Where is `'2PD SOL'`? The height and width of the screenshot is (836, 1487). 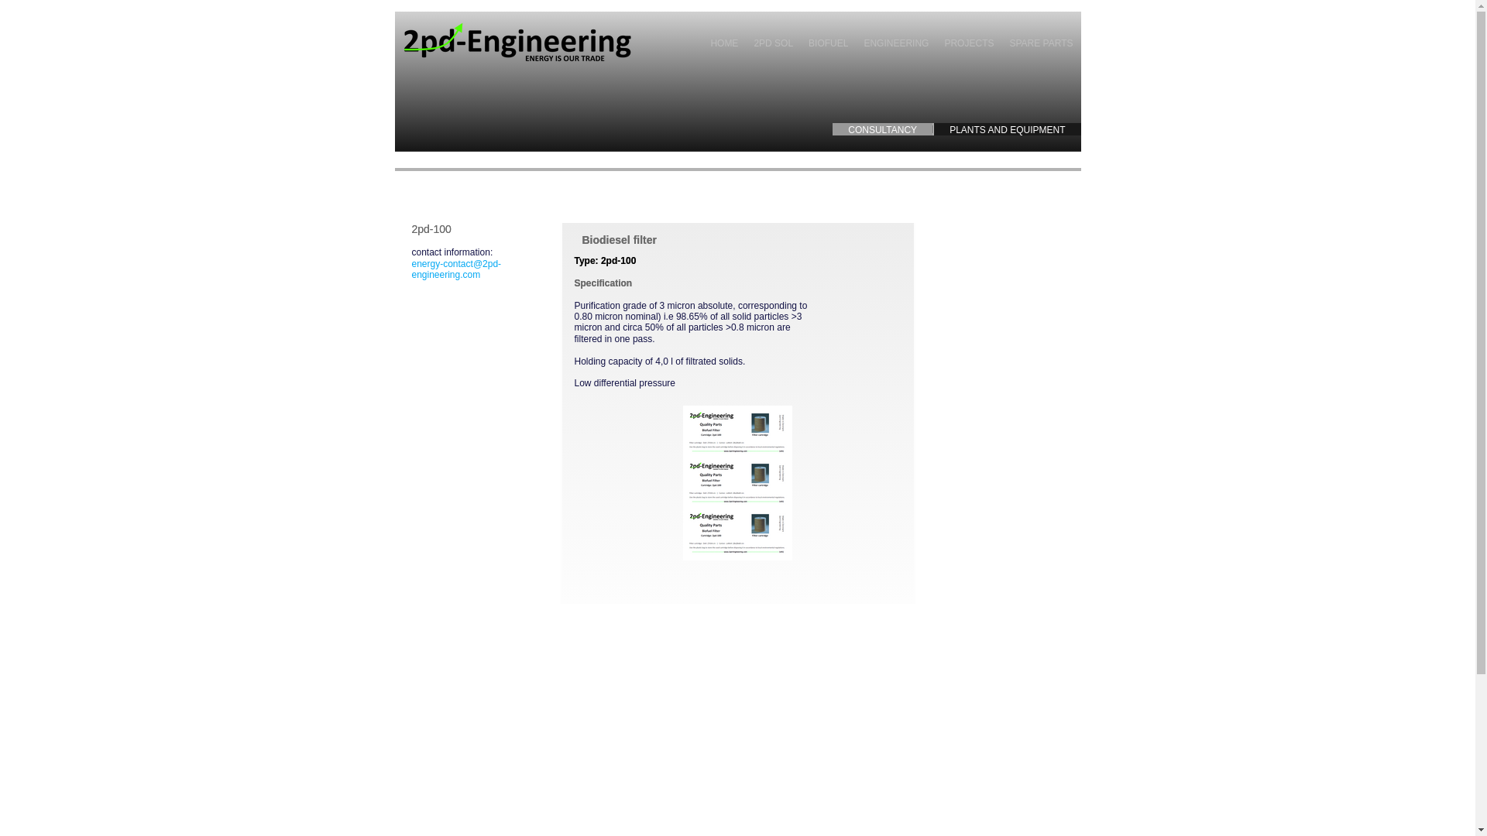 '2PD SOL' is located at coordinates (746, 43).